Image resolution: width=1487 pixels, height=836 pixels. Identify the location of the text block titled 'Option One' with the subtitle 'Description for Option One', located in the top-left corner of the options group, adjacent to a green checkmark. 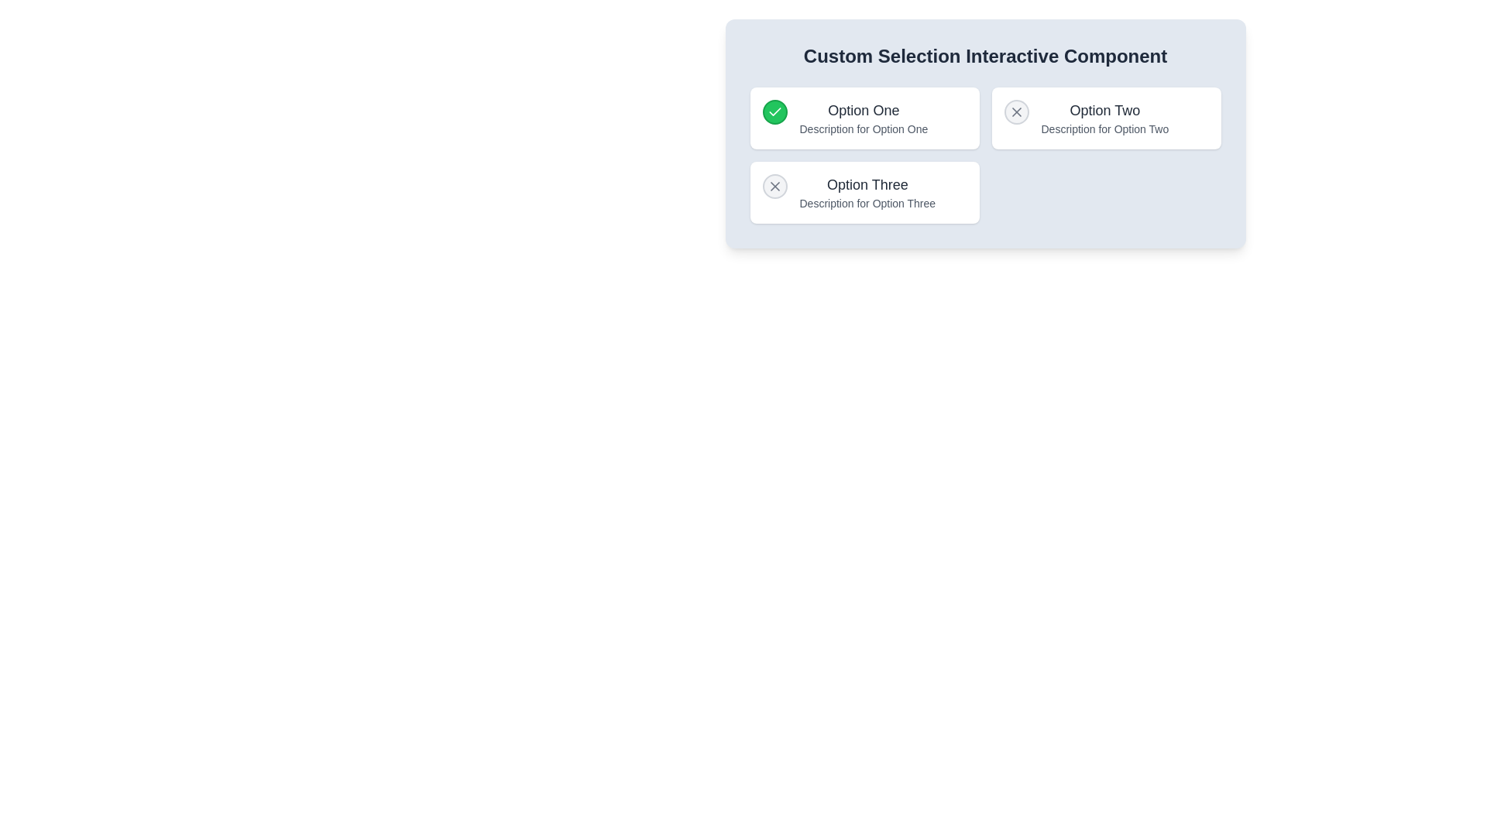
(863, 118).